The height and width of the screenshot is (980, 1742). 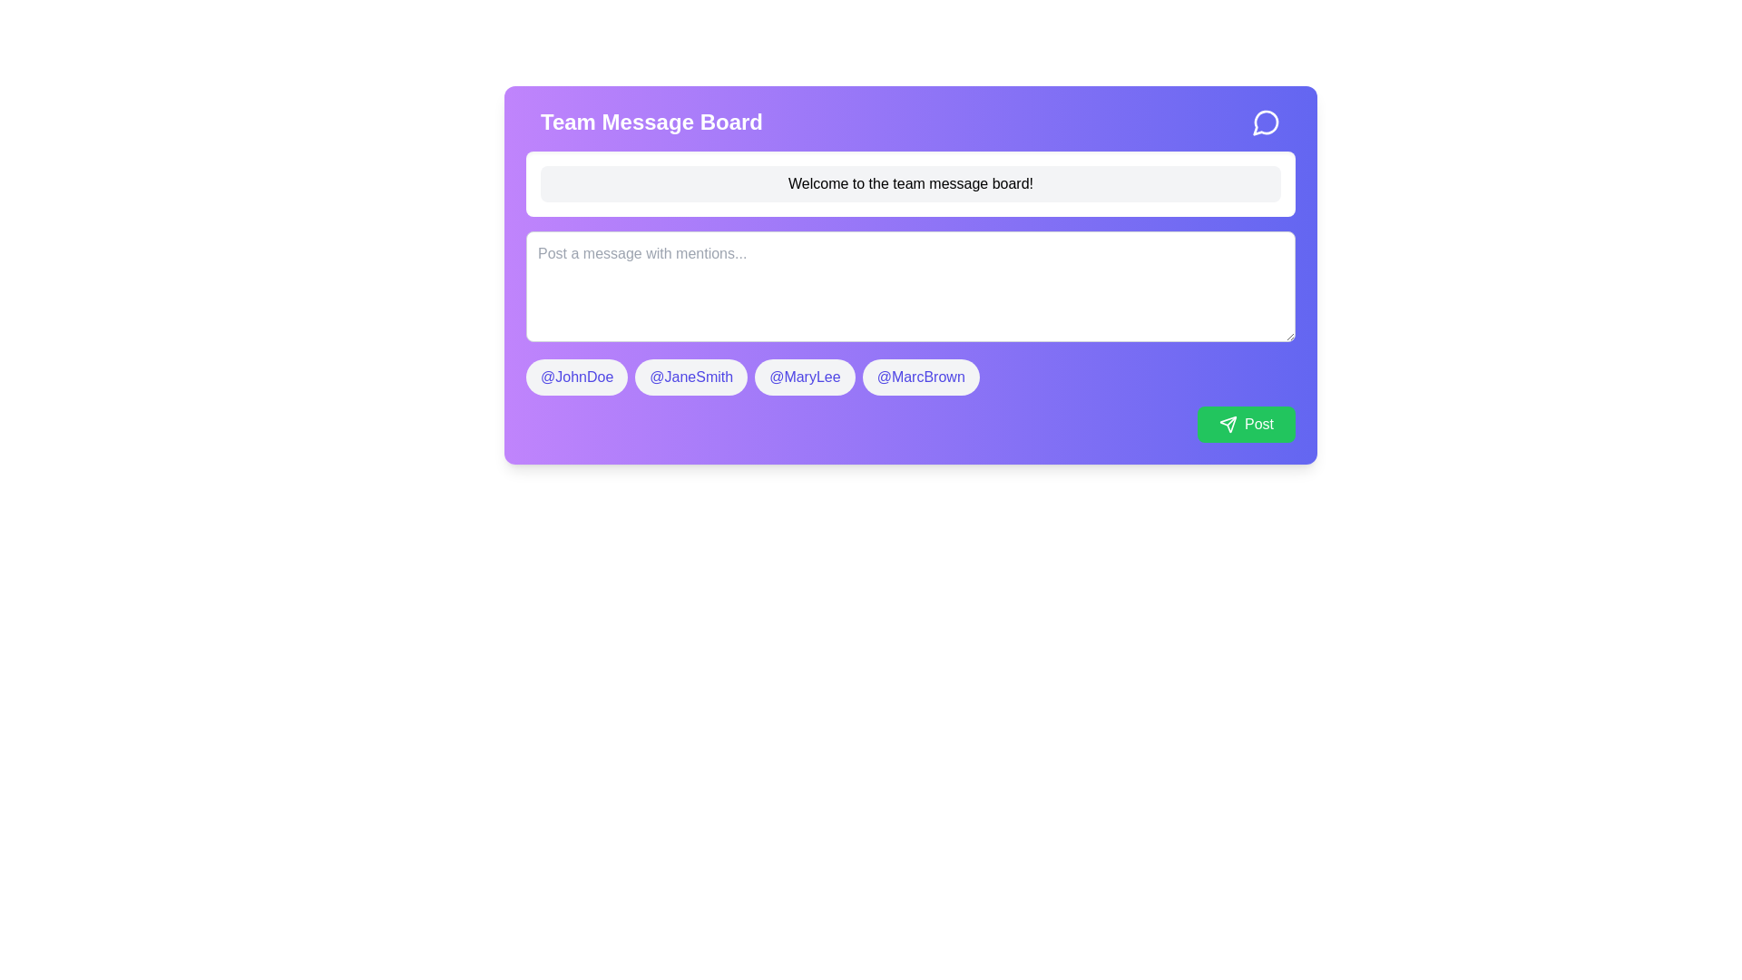 I want to click on the messaging icon located in the top-right corner of the purple panel labeled 'Team Message Board', which is the first icon in its group, so click(x=1265, y=122).